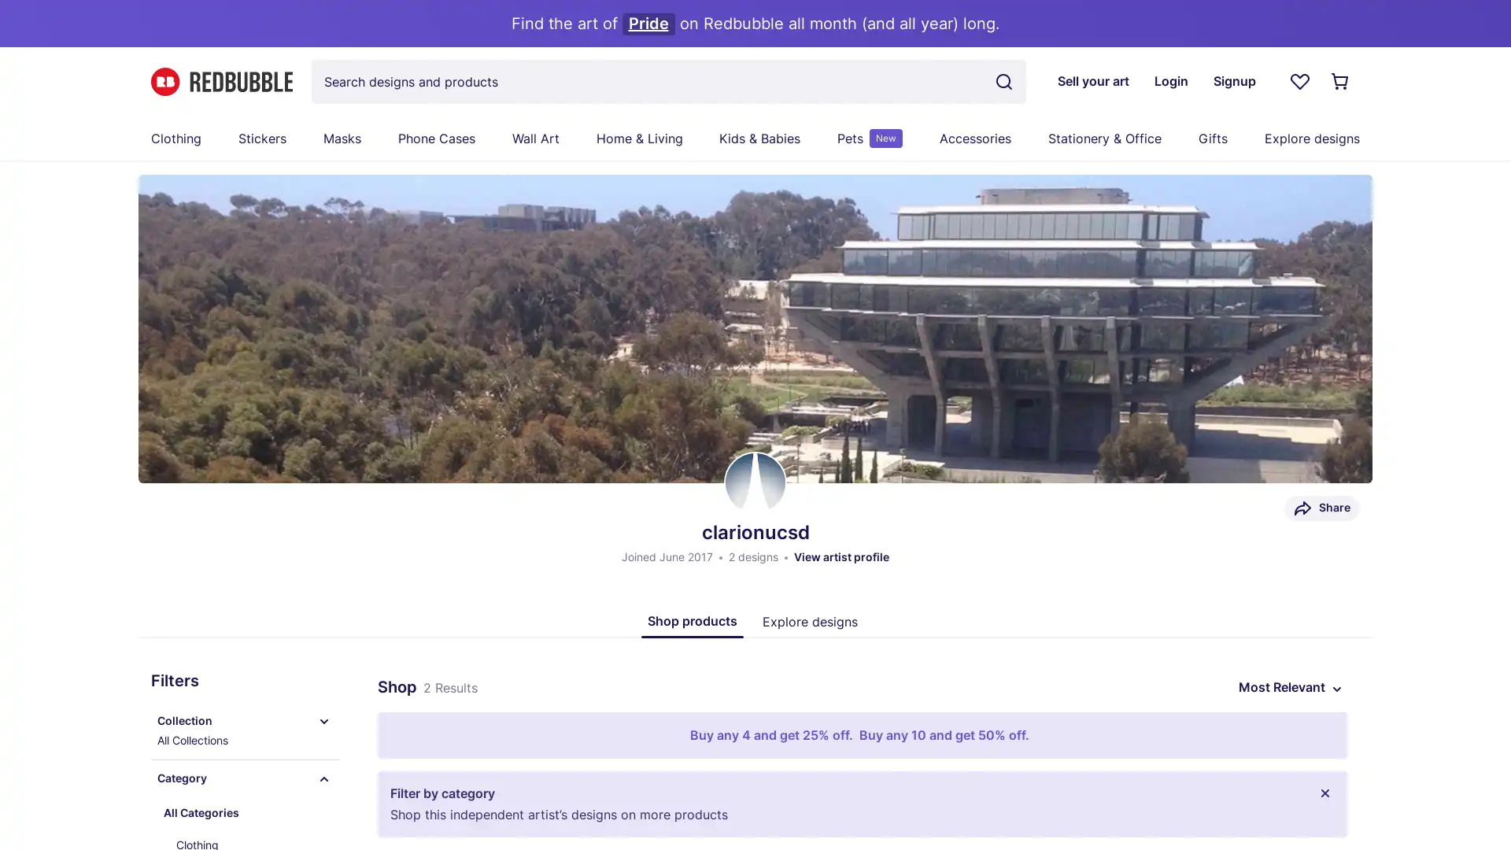  Describe the element at coordinates (245, 779) in the screenshot. I see `Category` at that location.